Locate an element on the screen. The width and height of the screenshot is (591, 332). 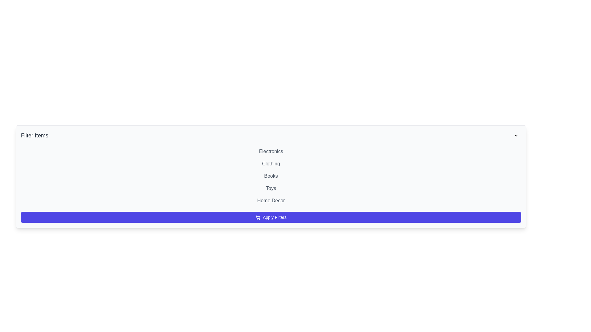
the 'Home Decor' menu item to change its background color, which is the last item in the vertical list of menu items is located at coordinates (271, 200).